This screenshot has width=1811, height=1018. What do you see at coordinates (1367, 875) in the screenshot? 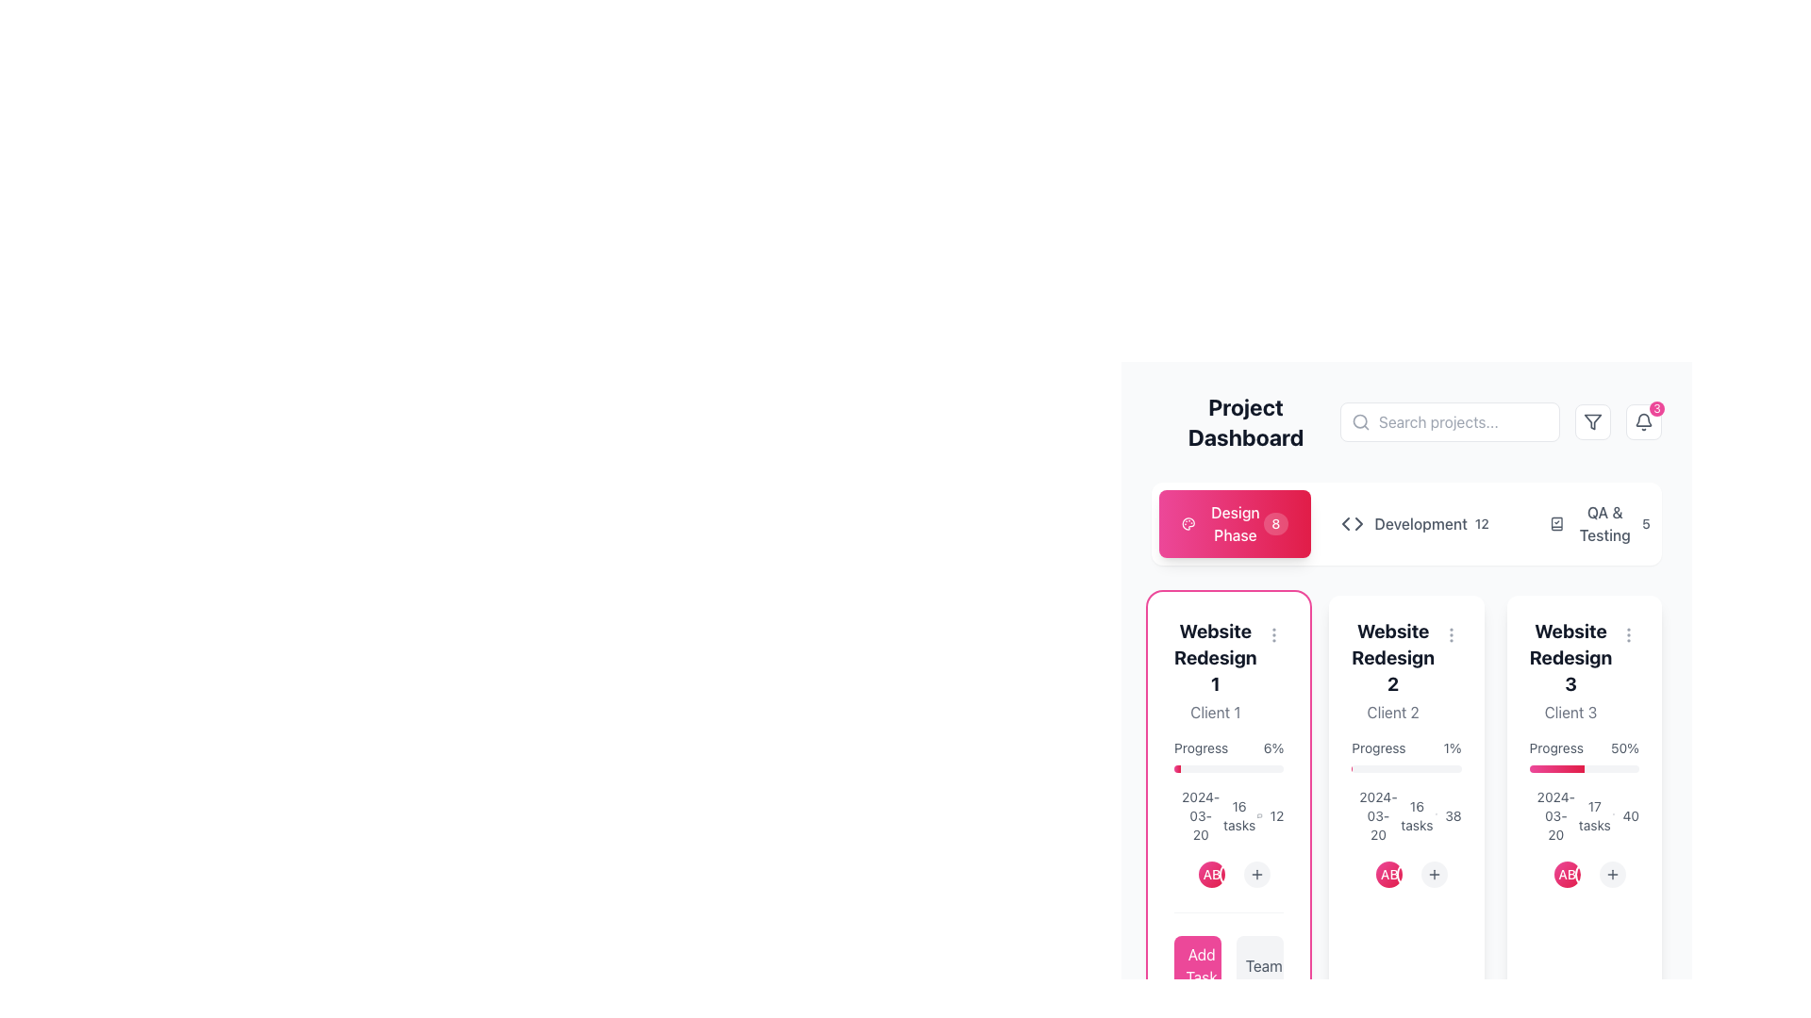
I see `the first circular Avatar or badge component with a gradient background and the letters 'AB' in the center, located within the card labeled 'Website Redesign 2'` at bounding box center [1367, 875].